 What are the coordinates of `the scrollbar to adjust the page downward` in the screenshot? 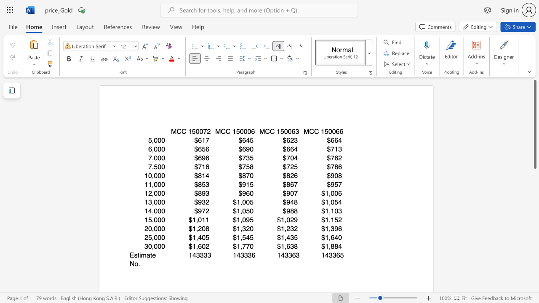 It's located at (534, 244).